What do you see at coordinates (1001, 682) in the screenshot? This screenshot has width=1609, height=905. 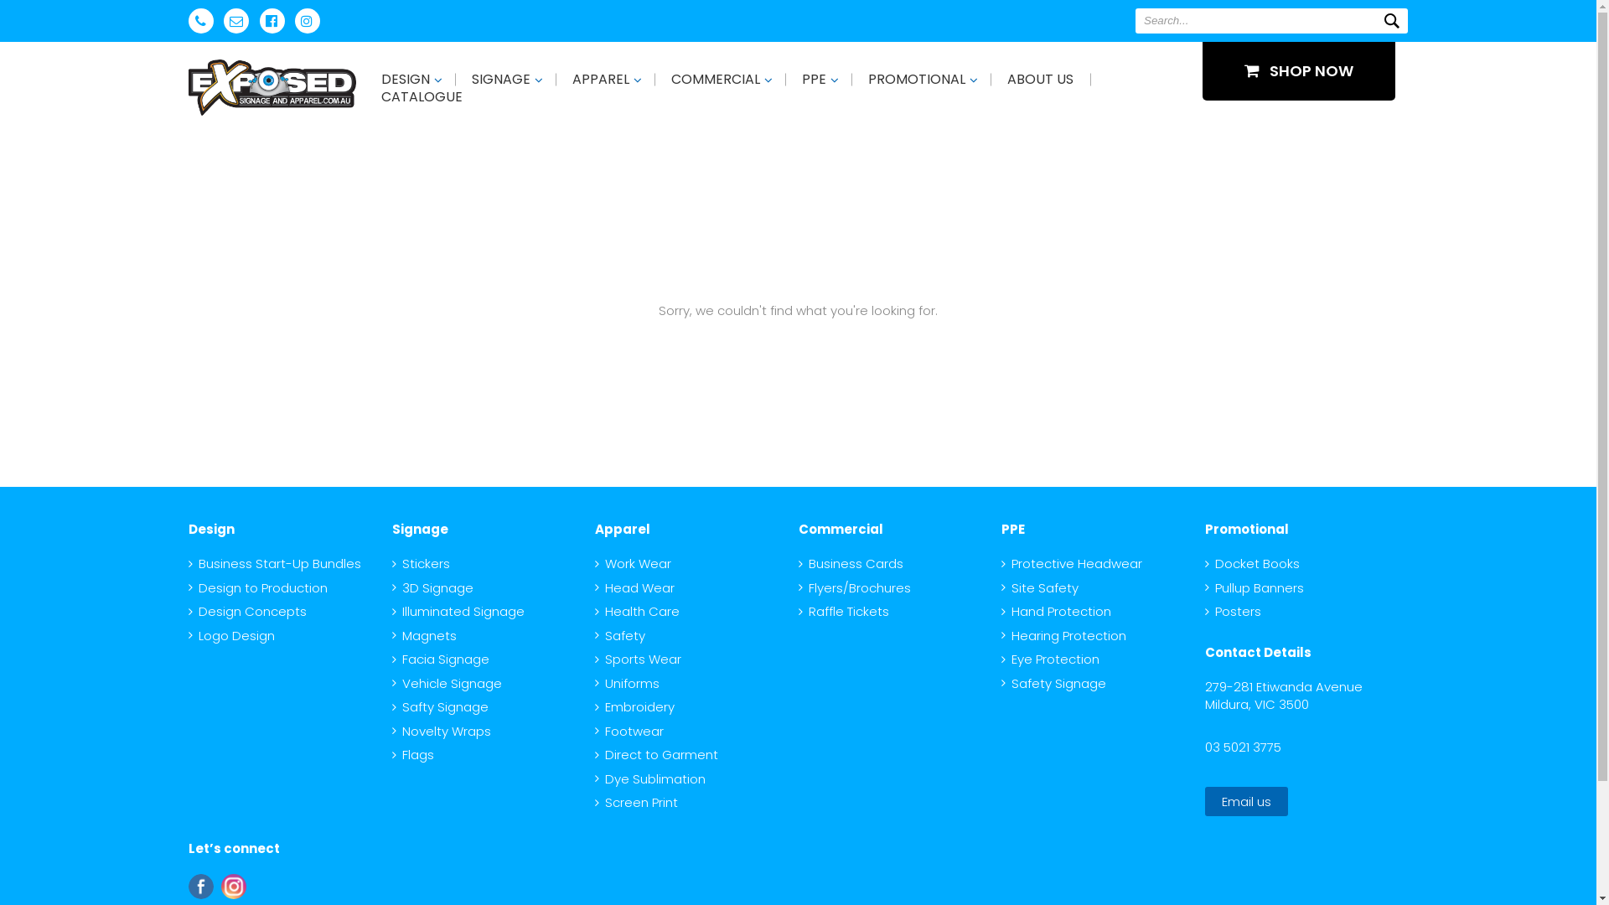 I see `'Safety Signage'` at bounding box center [1001, 682].